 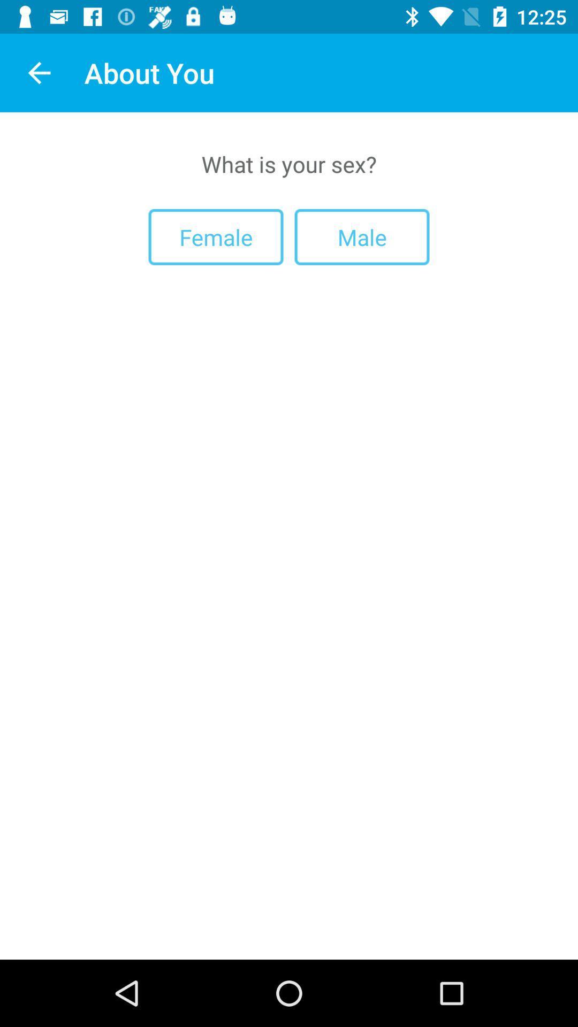 What do you see at coordinates (361, 236) in the screenshot?
I see `the item to the right of female` at bounding box center [361, 236].